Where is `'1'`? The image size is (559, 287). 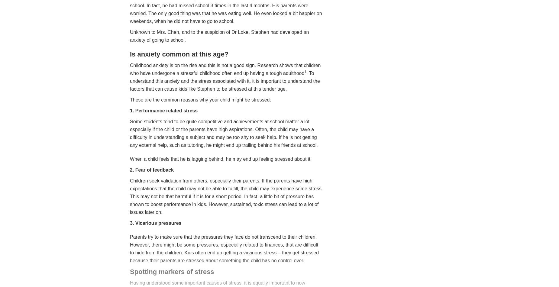
'1' is located at coordinates (305, 72).